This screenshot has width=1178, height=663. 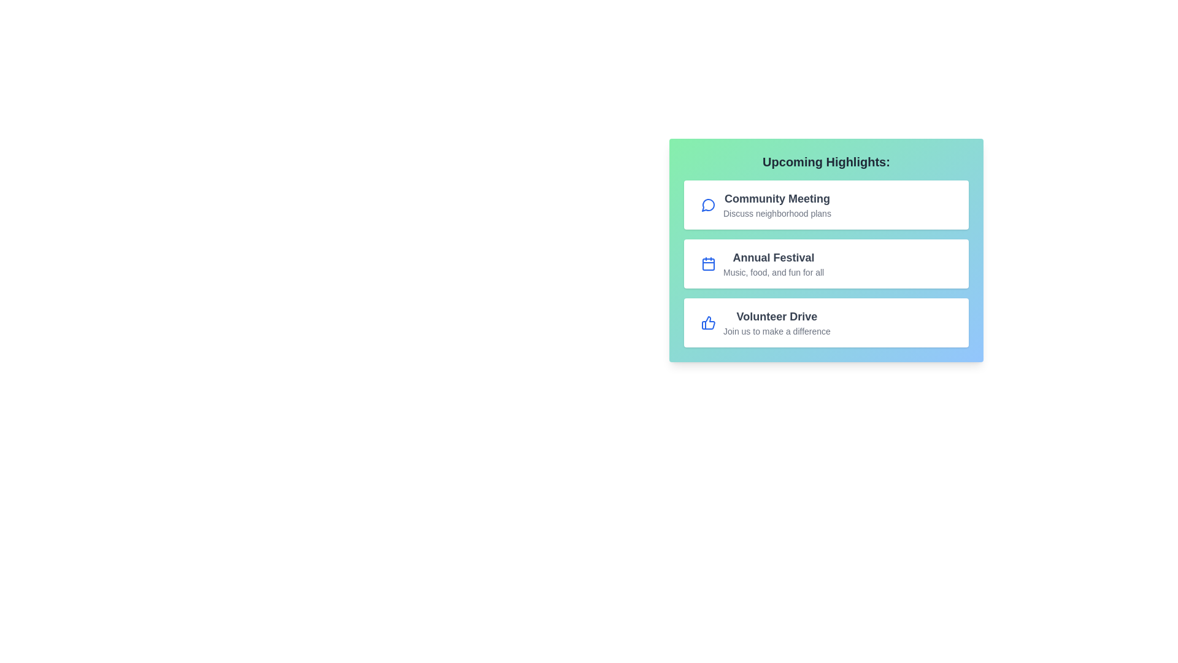 What do you see at coordinates (826, 322) in the screenshot?
I see `the event item Volunteer Drive to observe its hover effect` at bounding box center [826, 322].